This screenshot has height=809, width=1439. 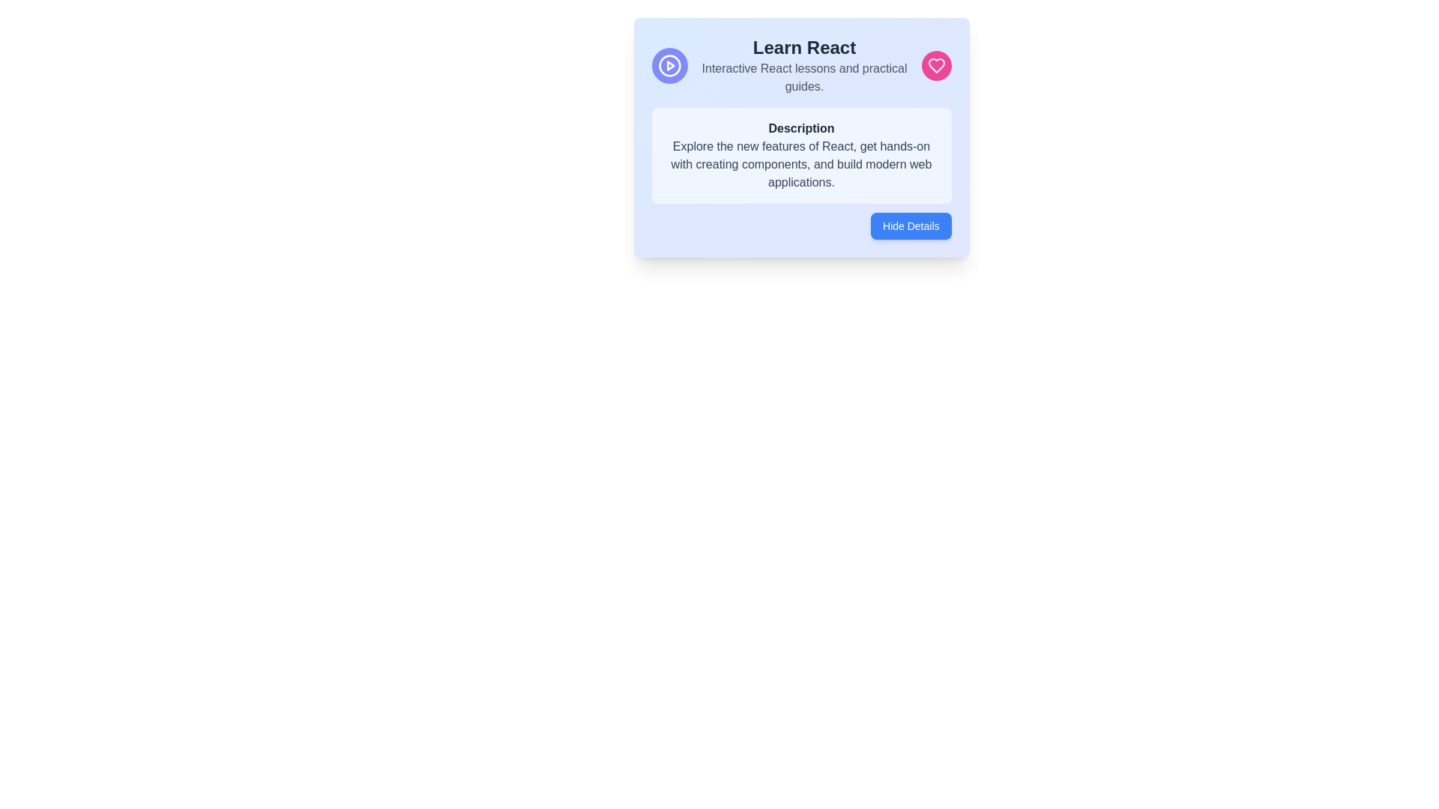 What do you see at coordinates (669, 65) in the screenshot?
I see `the triangular play icon within the circular frame located in the Learn React section` at bounding box center [669, 65].